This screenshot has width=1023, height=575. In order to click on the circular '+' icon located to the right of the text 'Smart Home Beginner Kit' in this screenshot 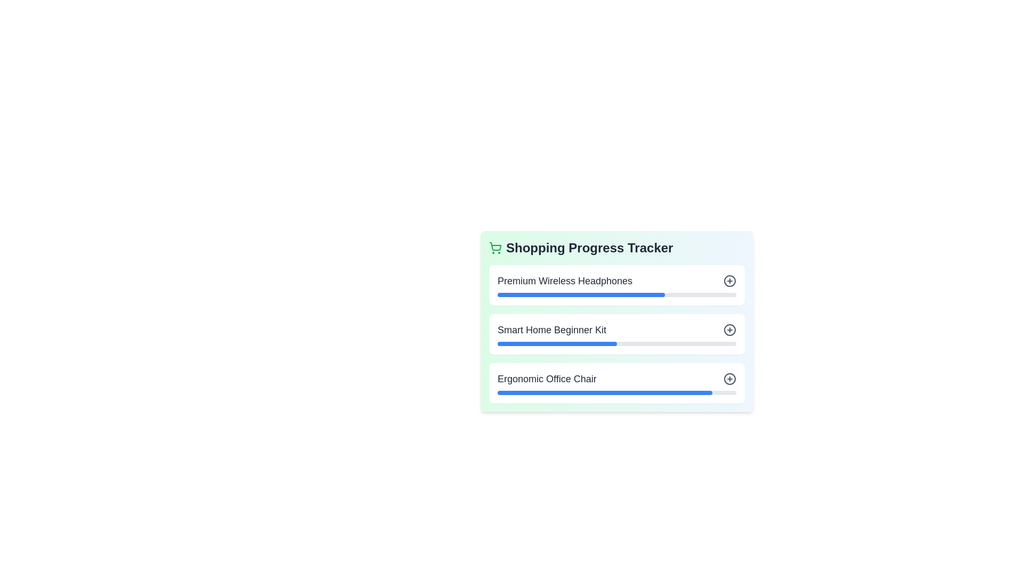, I will do `click(729, 330)`.